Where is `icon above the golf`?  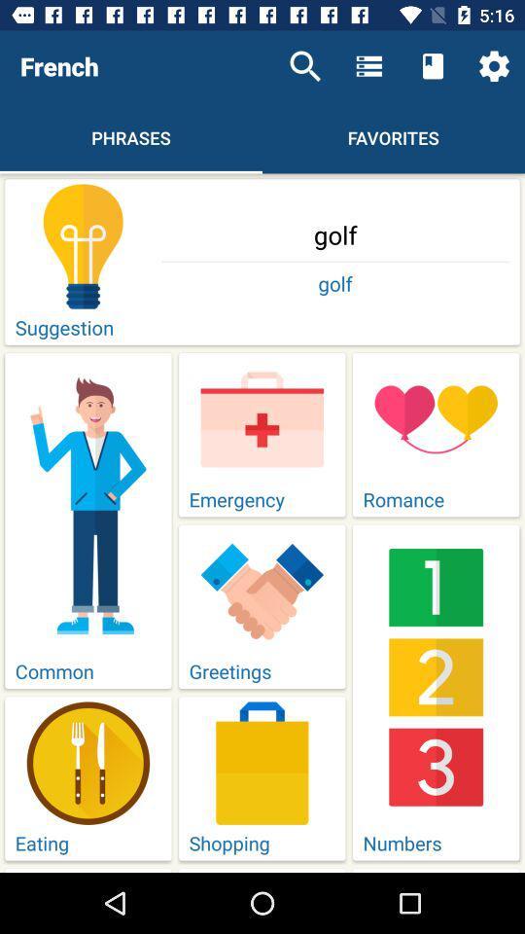
icon above the golf is located at coordinates (494, 66).